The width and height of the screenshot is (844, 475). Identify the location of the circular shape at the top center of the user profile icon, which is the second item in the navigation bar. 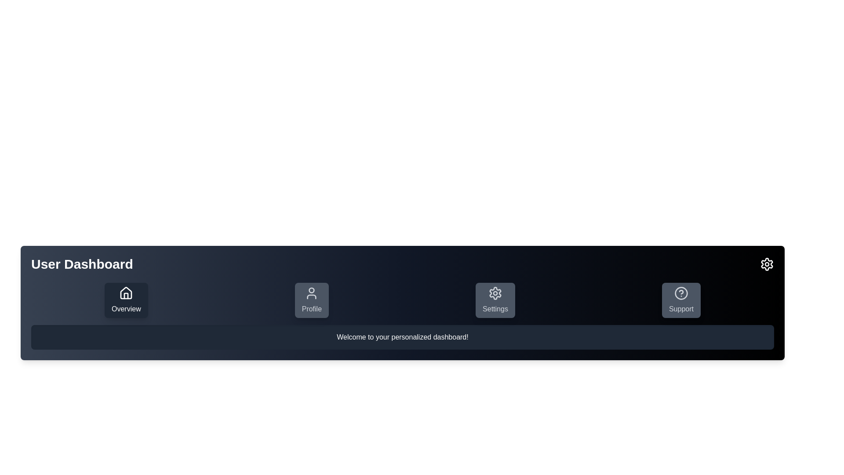
(312, 290).